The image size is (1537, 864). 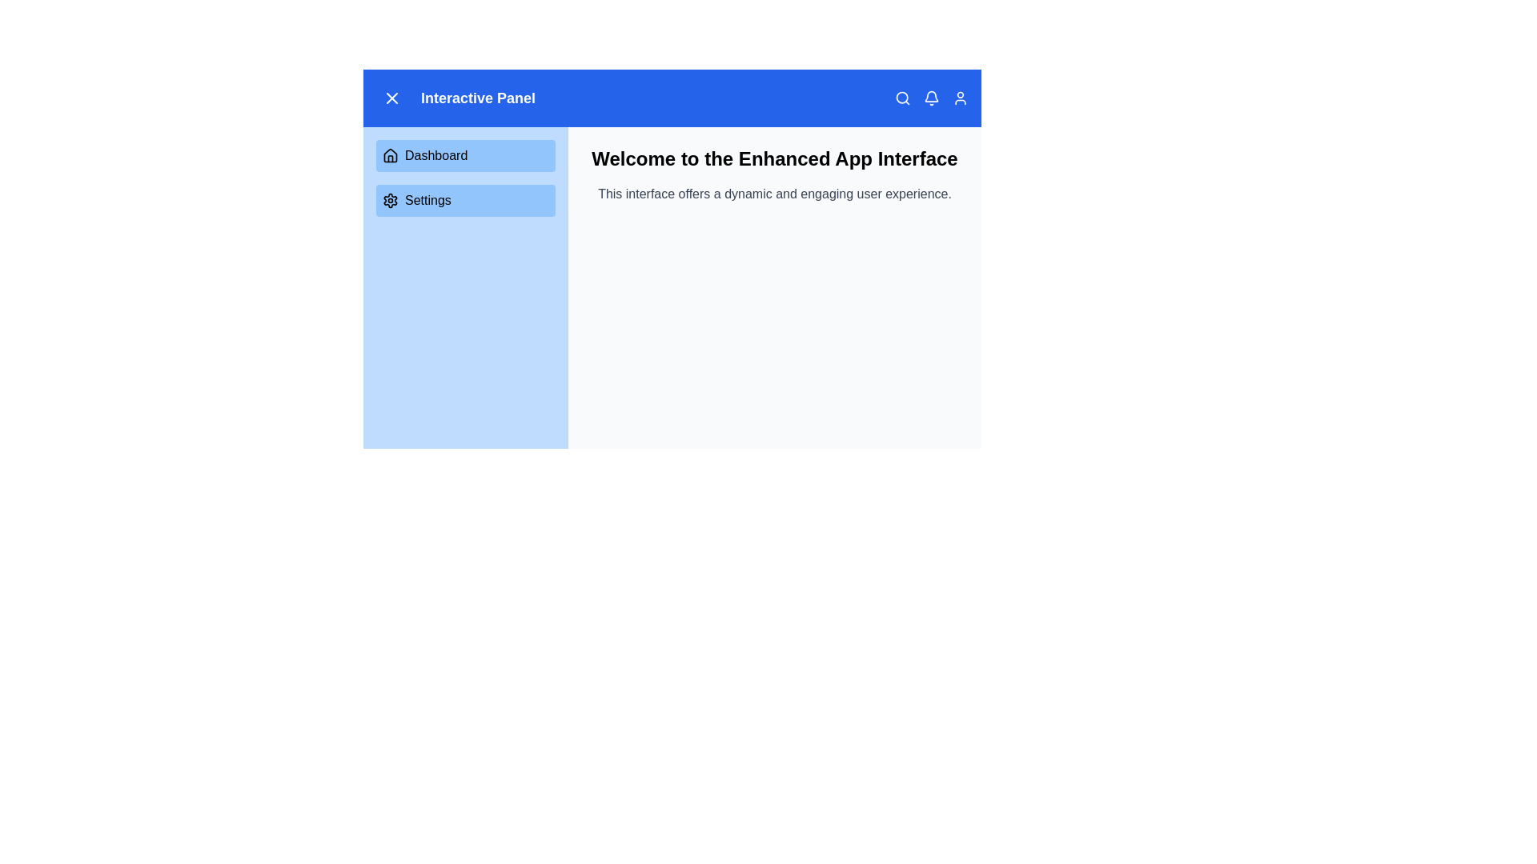 What do you see at coordinates (477, 98) in the screenshot?
I see `the bold text 'Interactive Panel' displayed on a blue background in the top navigation bar, located to the right of the close icon` at bounding box center [477, 98].